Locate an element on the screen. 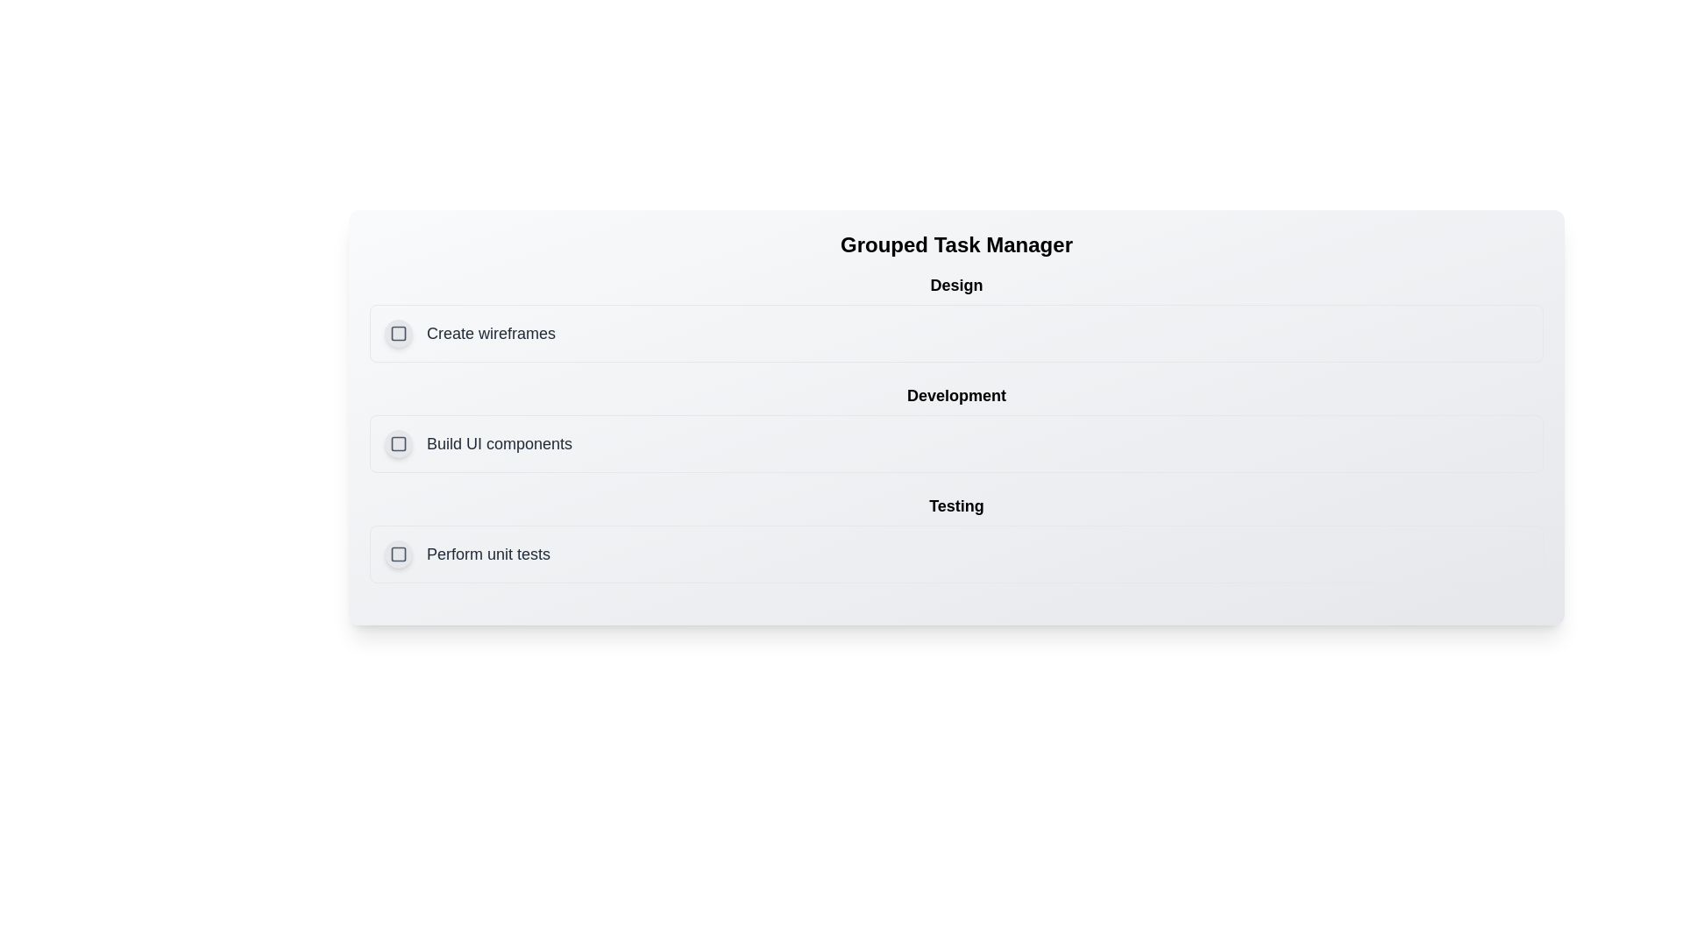 The height and width of the screenshot is (946, 1683). the checkbox or text labeled 'Perform unit tests' in the Testing category is located at coordinates (467, 554).